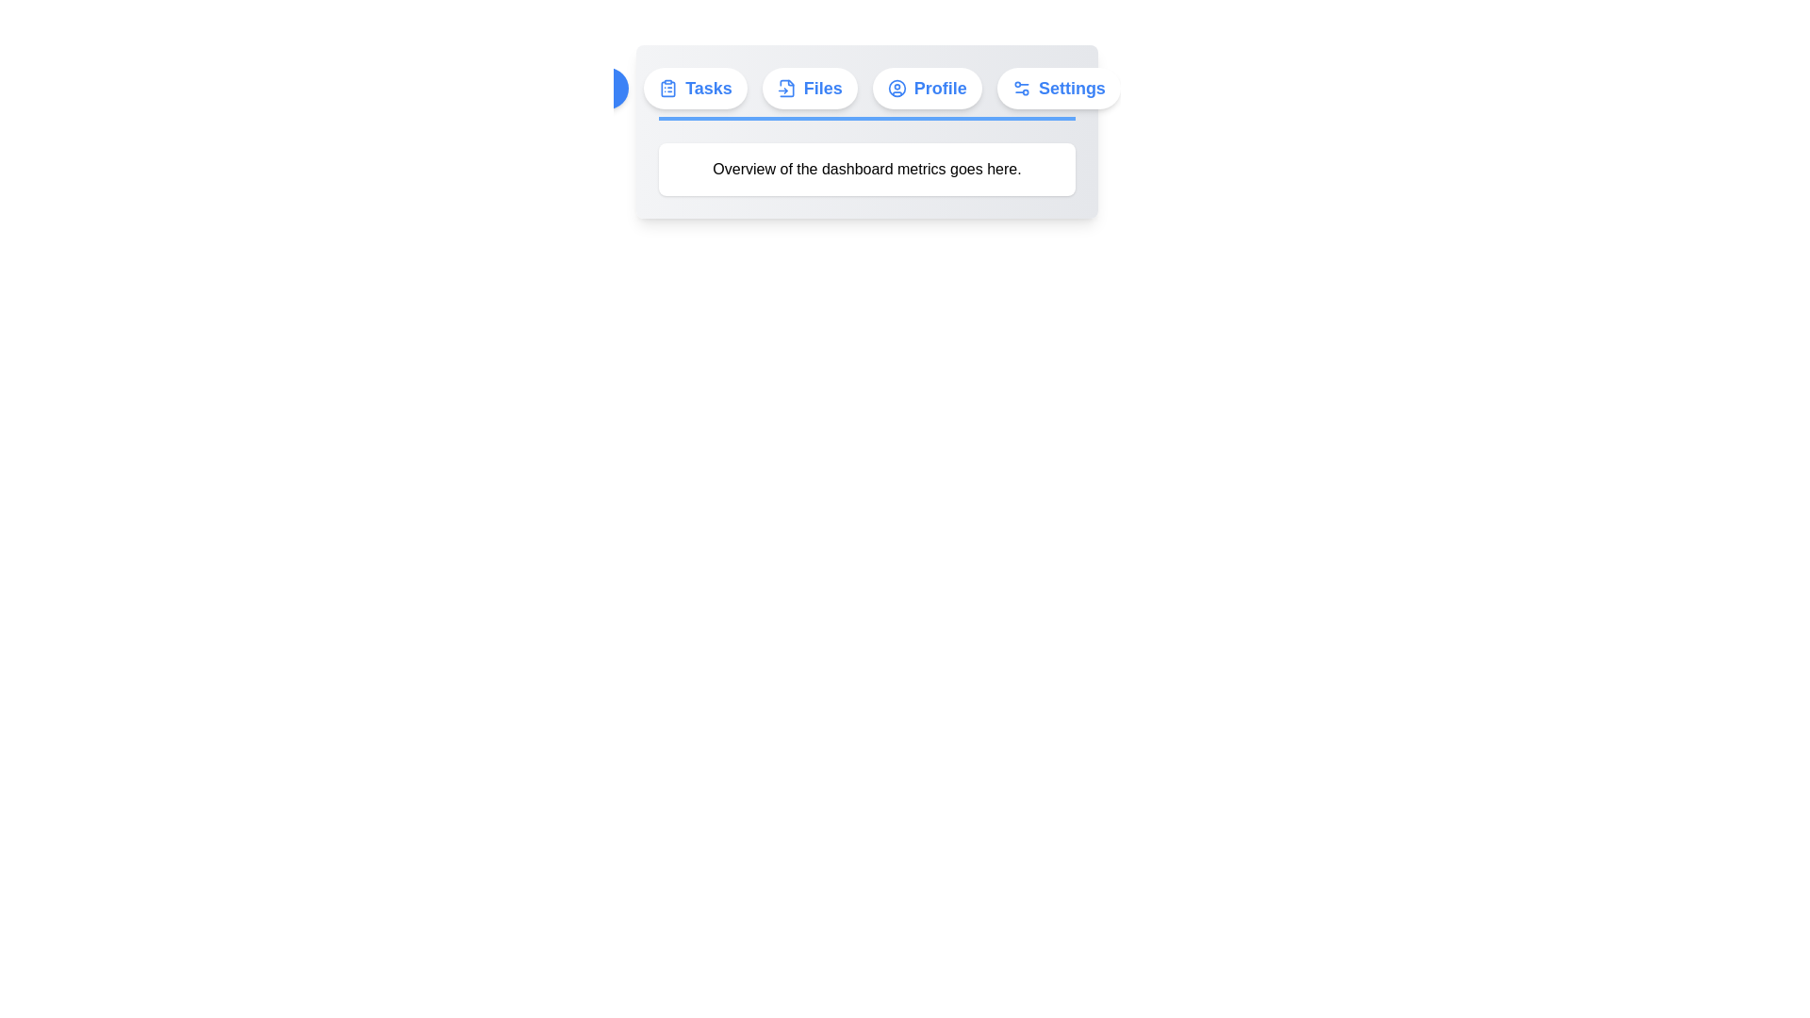 This screenshot has height=1018, width=1810. I want to click on the 'Tasks' button, so click(695, 88).